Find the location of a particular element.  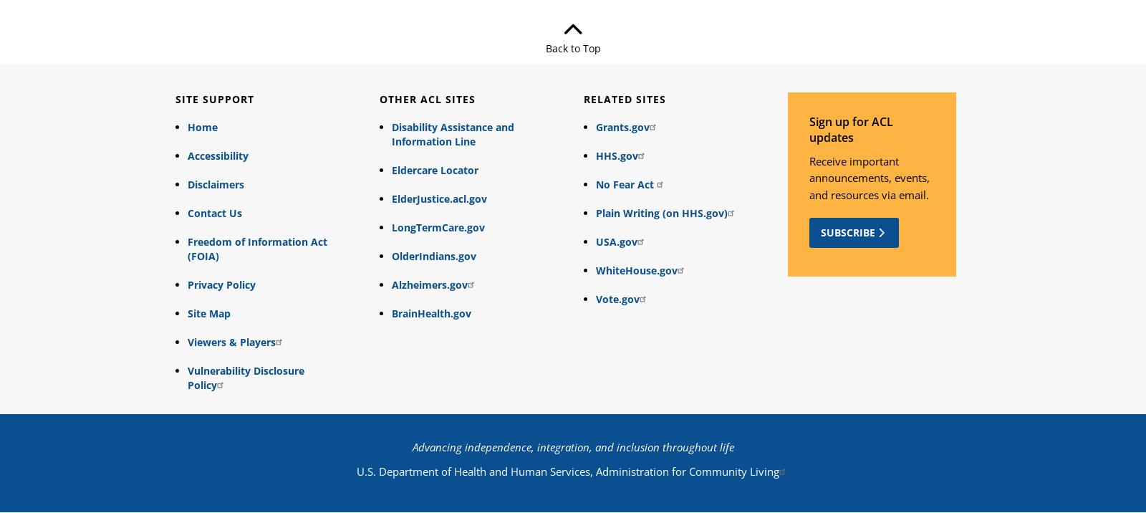

'Disclaimers' is located at coordinates (215, 184).